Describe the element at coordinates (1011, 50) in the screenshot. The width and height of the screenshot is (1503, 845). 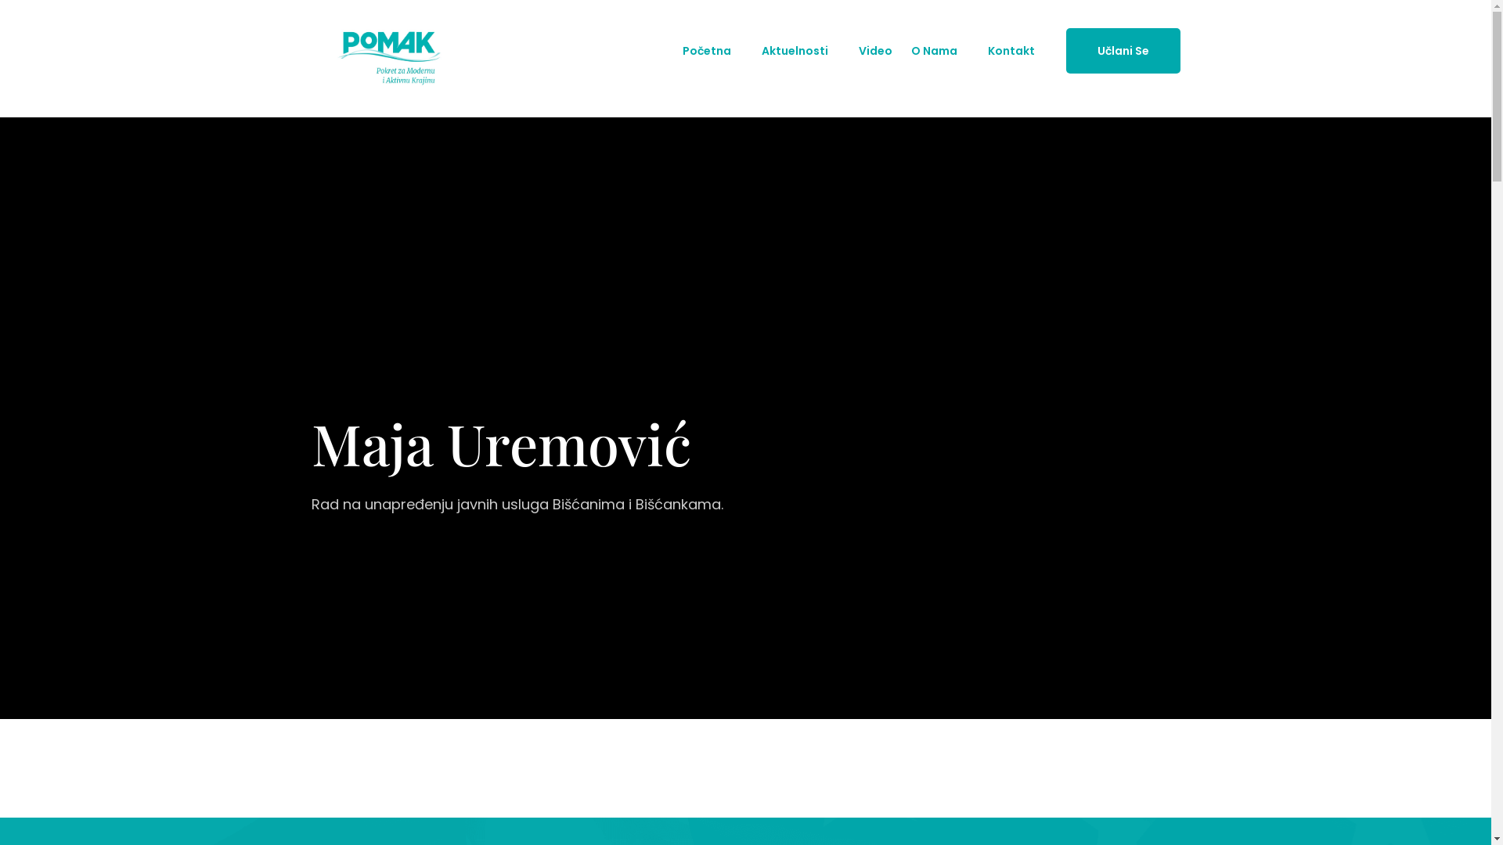
I see `'Kontakt'` at that location.